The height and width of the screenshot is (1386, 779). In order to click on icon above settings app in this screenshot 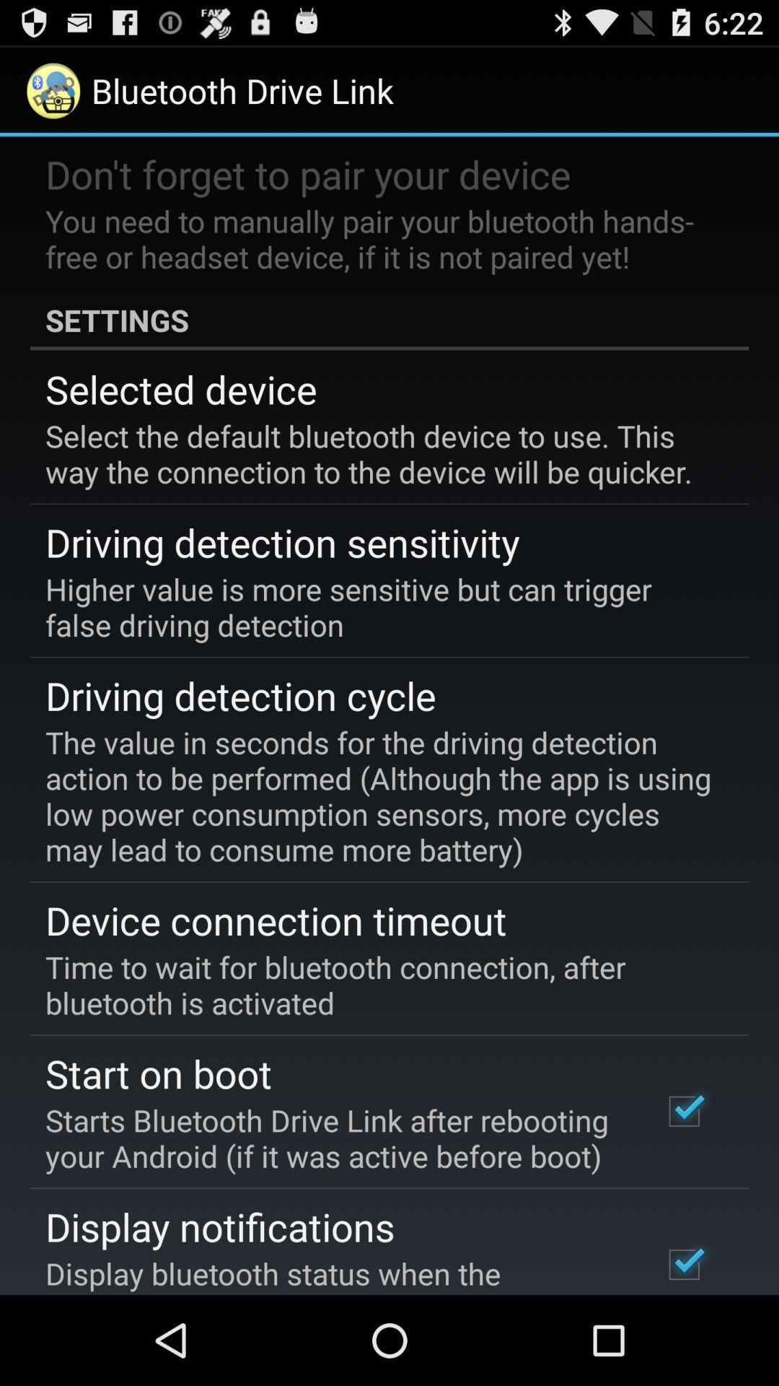, I will do `click(379, 238)`.